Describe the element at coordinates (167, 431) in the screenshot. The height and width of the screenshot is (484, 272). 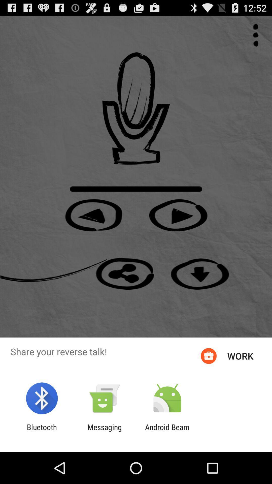
I see `icon to the right of messaging icon` at that location.